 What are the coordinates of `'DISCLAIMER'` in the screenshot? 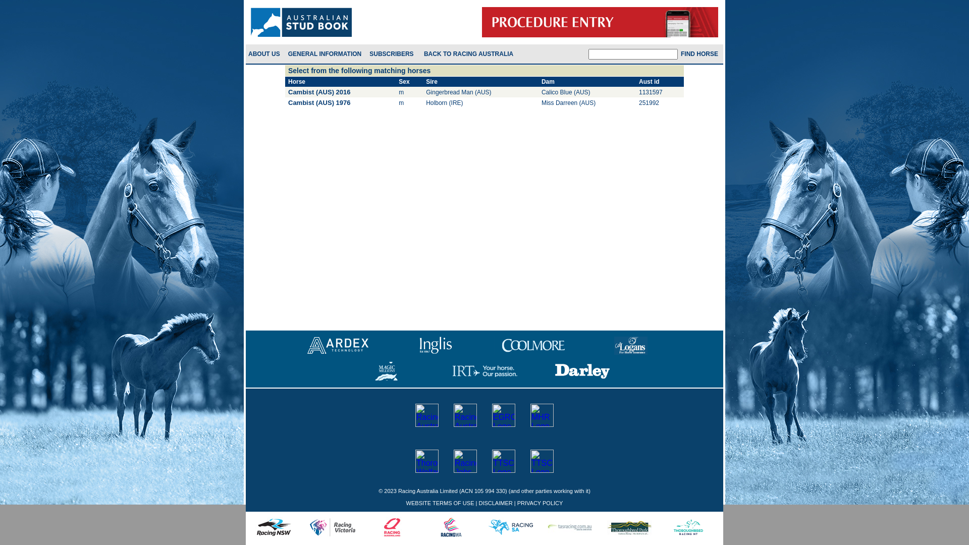 It's located at (495, 503).